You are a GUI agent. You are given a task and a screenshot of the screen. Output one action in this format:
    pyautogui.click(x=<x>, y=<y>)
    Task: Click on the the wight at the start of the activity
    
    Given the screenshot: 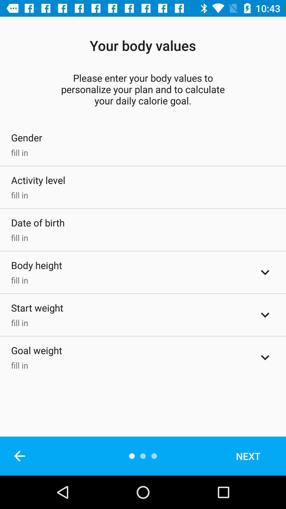 What is the action you would take?
    pyautogui.click(x=265, y=315)
    